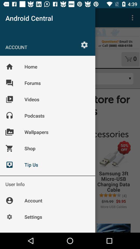  Describe the element at coordinates (84, 44) in the screenshot. I see `the setting icon` at that location.